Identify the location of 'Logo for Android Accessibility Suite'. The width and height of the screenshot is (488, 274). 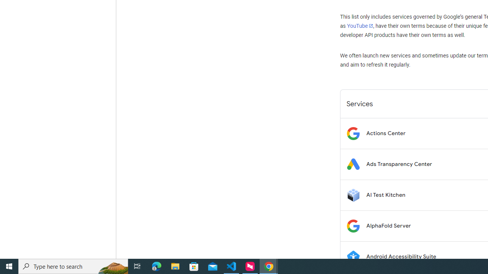
(353, 256).